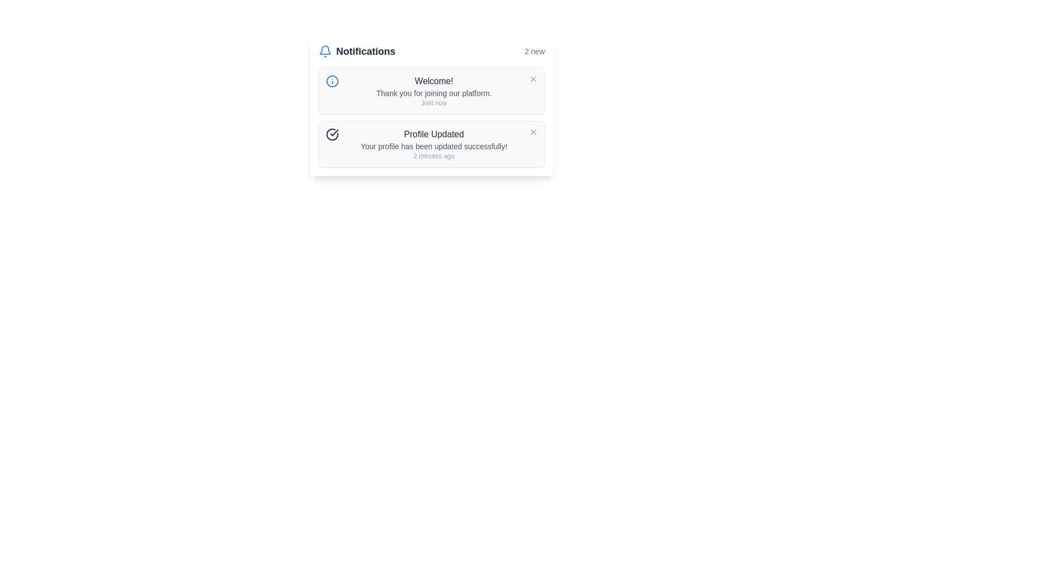 Image resolution: width=1043 pixels, height=586 pixels. Describe the element at coordinates (433, 133) in the screenshot. I see `the 'Profile Updated' text element that is styled in bold, medium size, and dark gray color, located centrally within the notification block` at that location.